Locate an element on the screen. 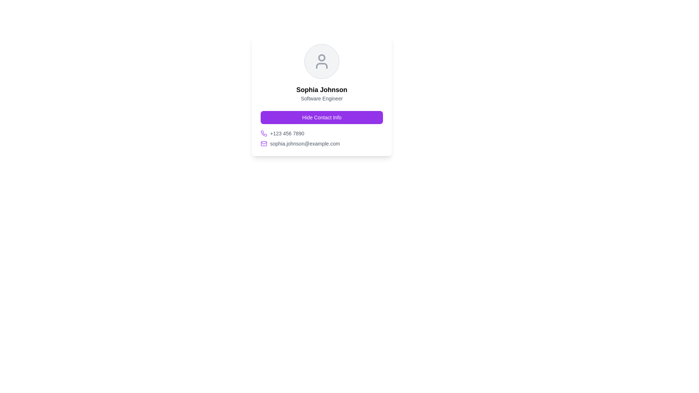  the unfilled rectangular SVG graphic element located at the bottom-left corner of the user's contact information card, which is positioned beneath a graphical indicator line is located at coordinates (263, 143).